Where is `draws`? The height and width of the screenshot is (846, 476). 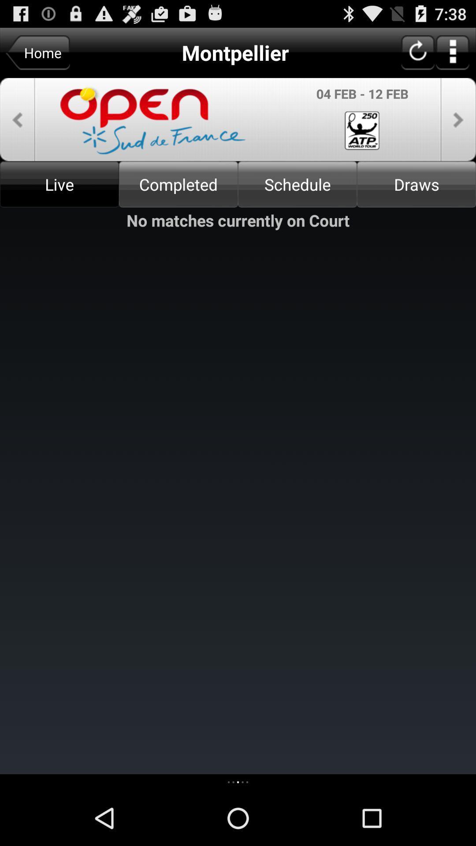
draws is located at coordinates (416, 184).